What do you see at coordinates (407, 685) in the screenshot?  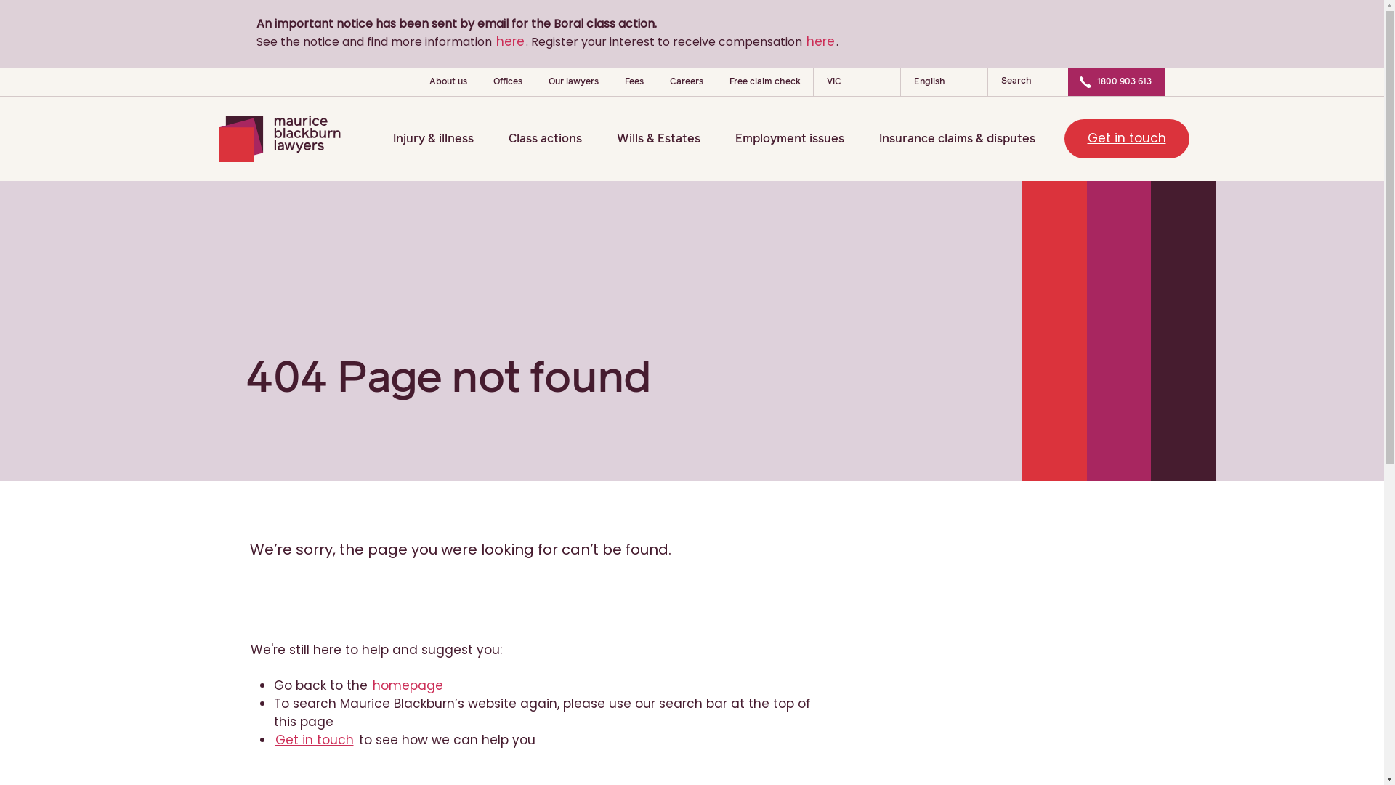 I see `'homepage'` at bounding box center [407, 685].